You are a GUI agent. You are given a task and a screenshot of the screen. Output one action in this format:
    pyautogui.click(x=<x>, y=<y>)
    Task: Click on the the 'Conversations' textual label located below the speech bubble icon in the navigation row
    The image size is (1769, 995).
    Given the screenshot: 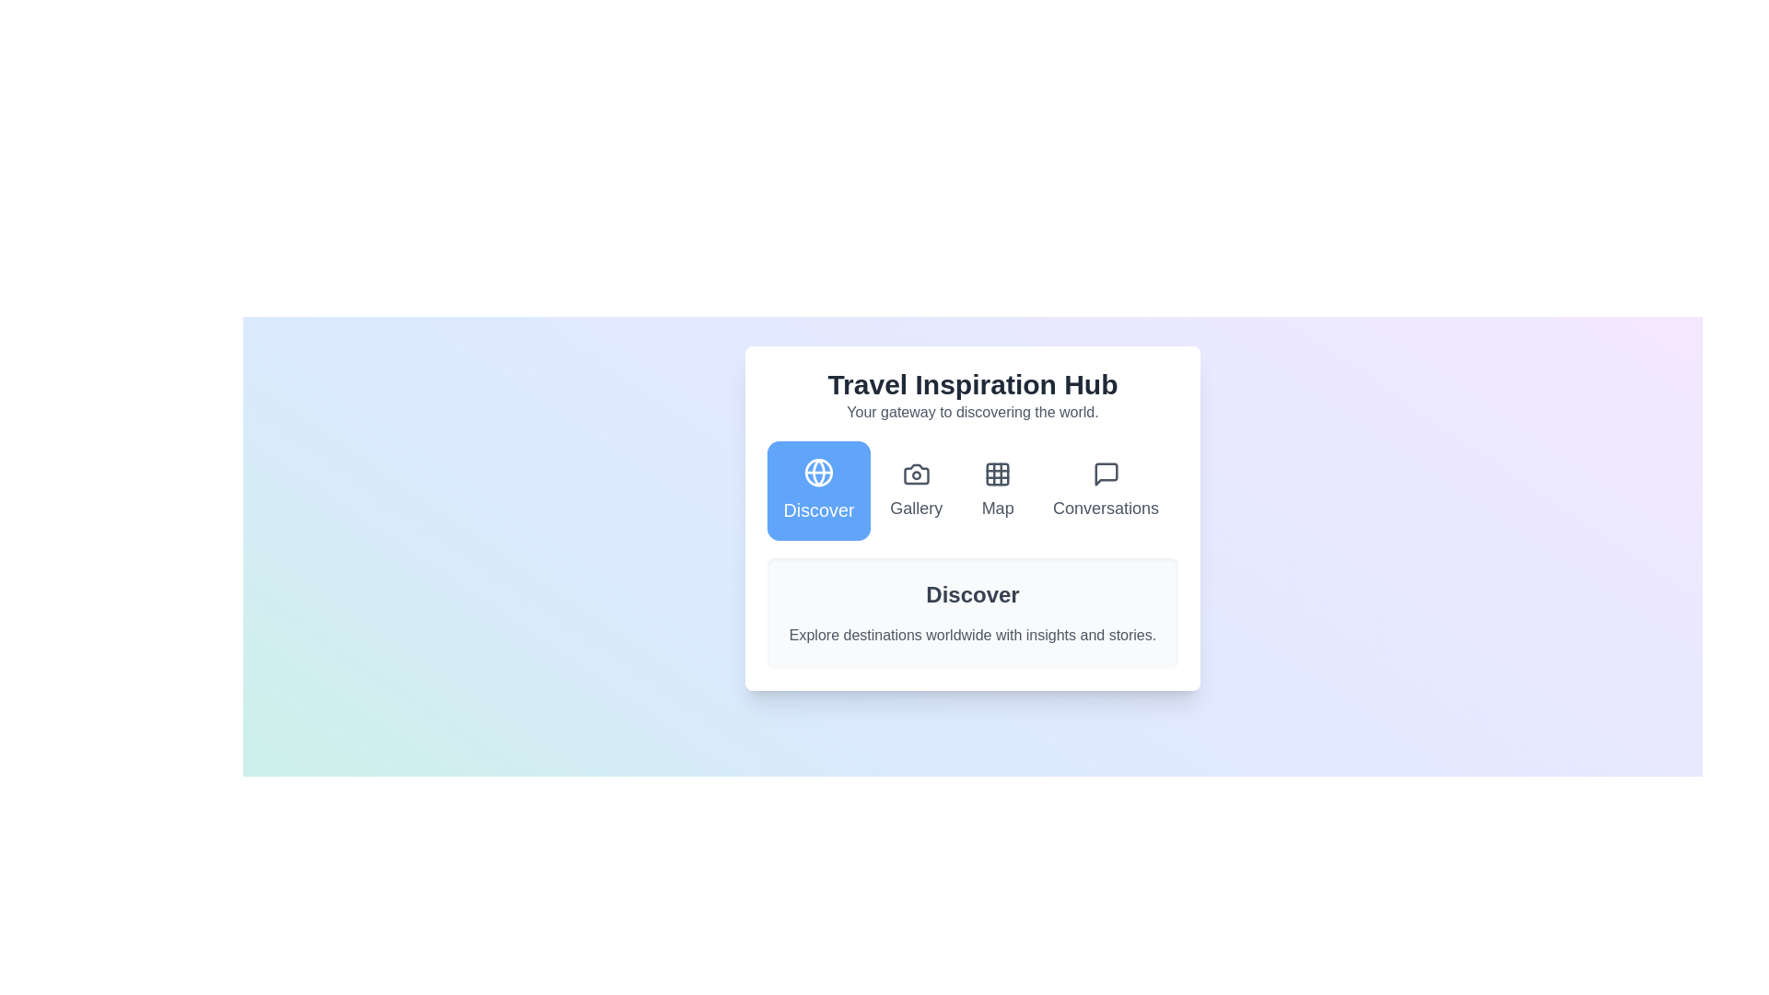 What is the action you would take?
    pyautogui.click(x=1106, y=508)
    